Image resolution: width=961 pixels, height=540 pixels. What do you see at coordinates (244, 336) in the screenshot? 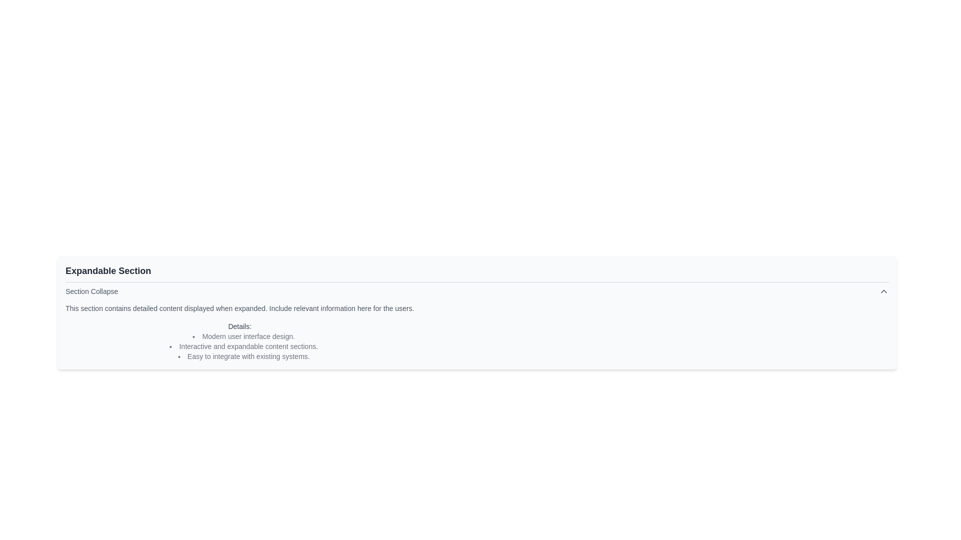
I see `the first list item text element 'Modern user interface design.' located under the 'Details:' label` at bounding box center [244, 336].